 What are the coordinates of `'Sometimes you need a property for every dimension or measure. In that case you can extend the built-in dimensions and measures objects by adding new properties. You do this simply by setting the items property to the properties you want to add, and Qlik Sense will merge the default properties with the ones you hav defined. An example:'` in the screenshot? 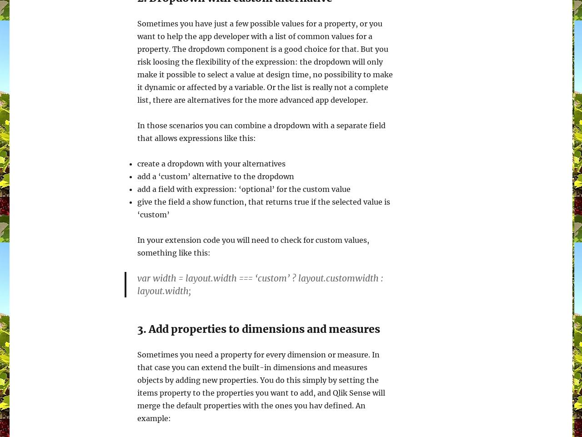 It's located at (261, 387).